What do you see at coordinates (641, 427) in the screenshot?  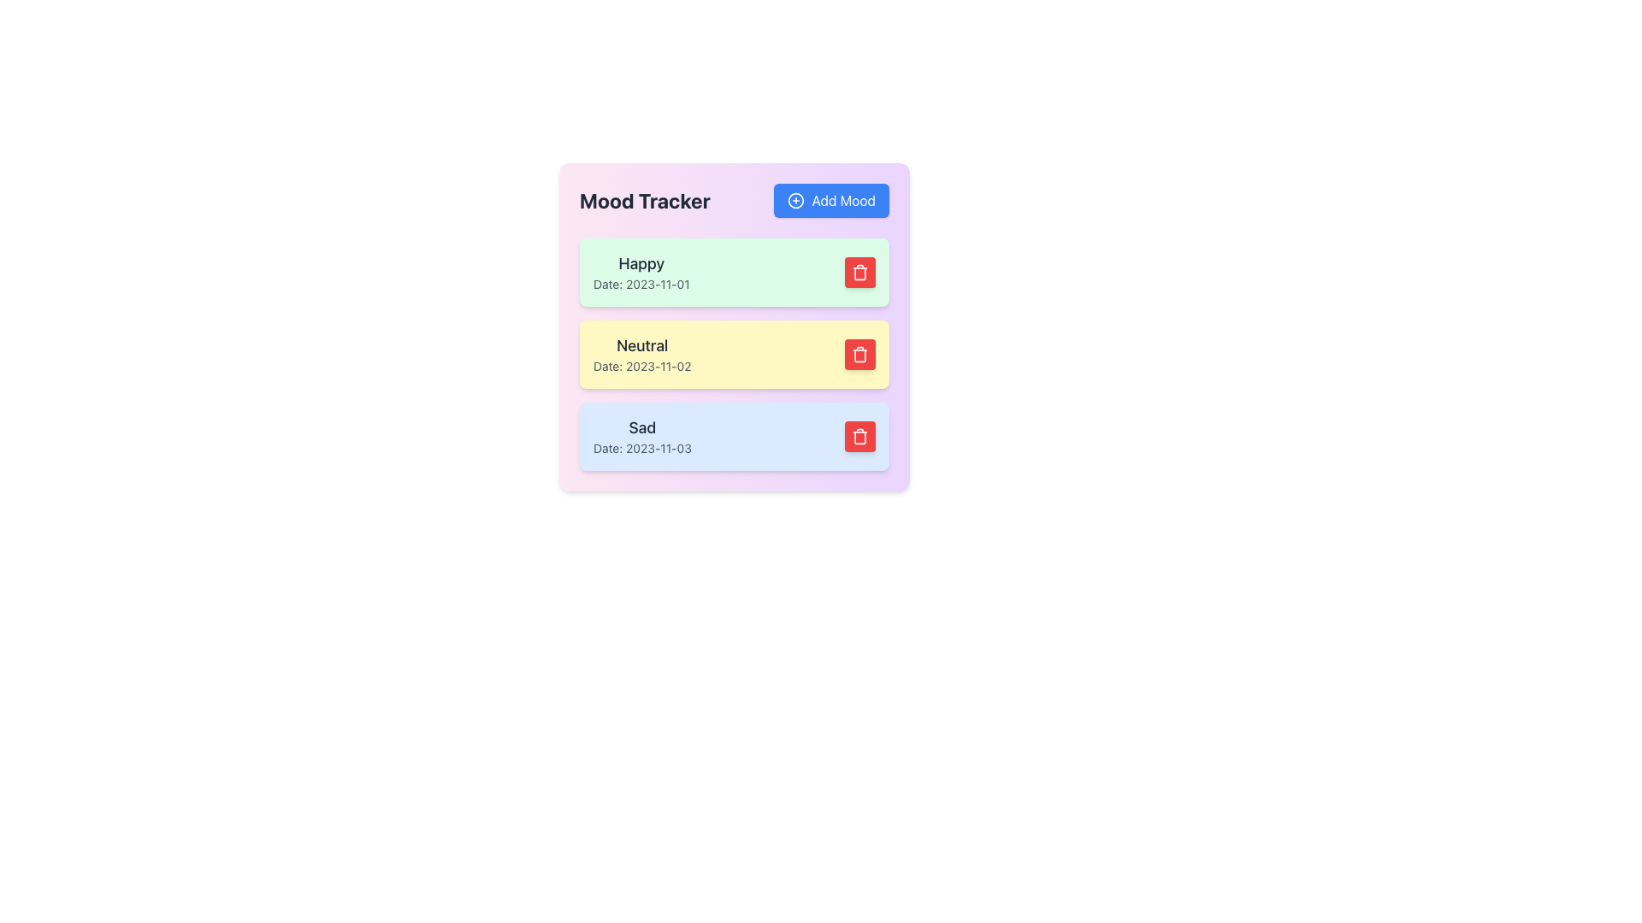 I see `the 'Sad' mood label in the Mood Tracker interface, which is displayed in a bold, large font on a light blue background, located in the third row beneath 'Neutral'` at bounding box center [641, 427].